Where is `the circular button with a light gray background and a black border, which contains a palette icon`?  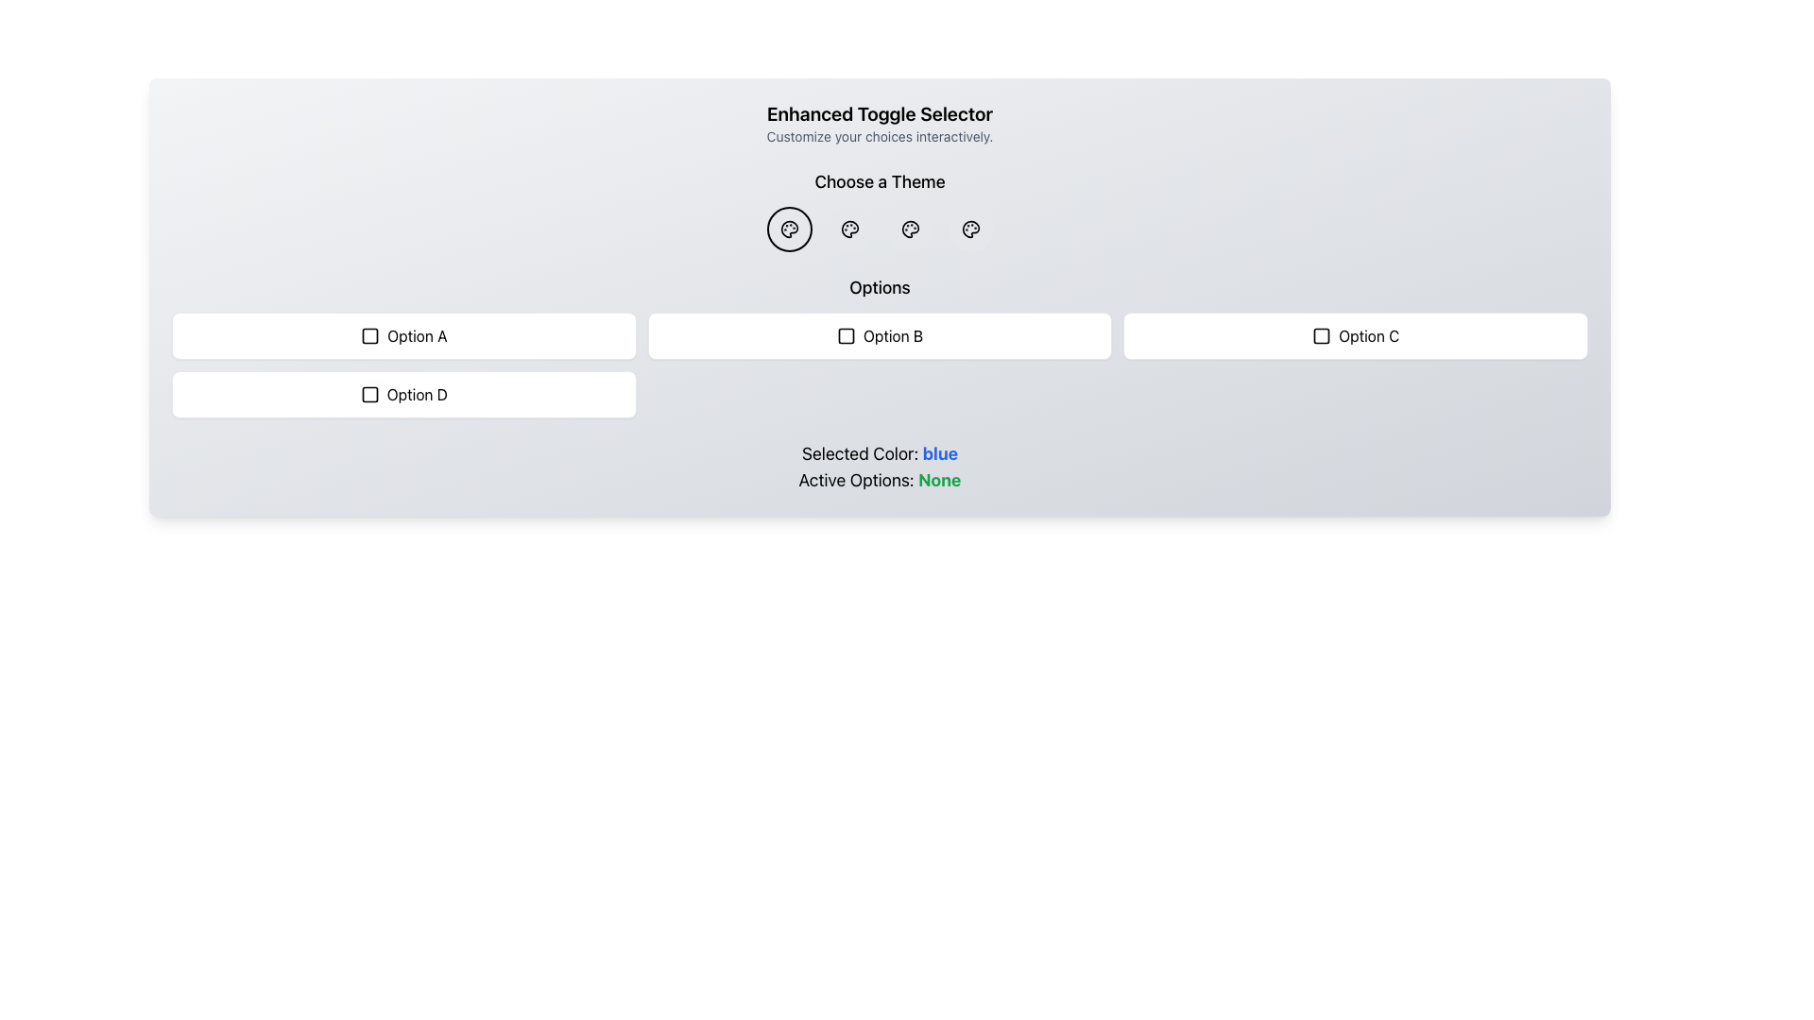 the circular button with a light gray background and a black border, which contains a palette icon is located at coordinates (970, 229).